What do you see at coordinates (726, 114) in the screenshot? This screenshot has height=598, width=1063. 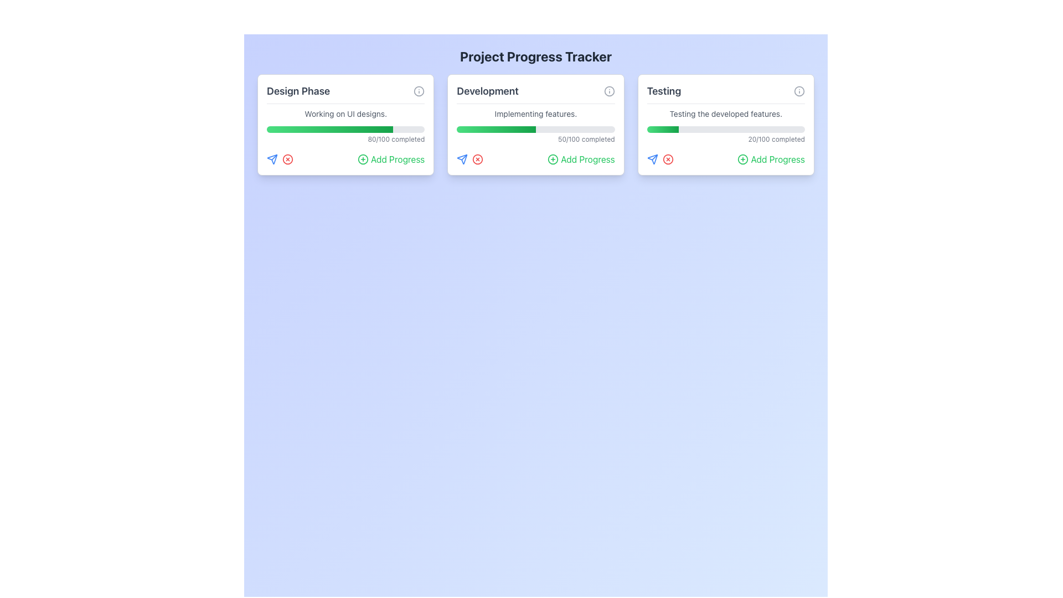 I see `the grey text label reading 'Testing the developed features.' located below the title 'Testing' in the third card of the horizontal sequence of three cards` at bounding box center [726, 114].